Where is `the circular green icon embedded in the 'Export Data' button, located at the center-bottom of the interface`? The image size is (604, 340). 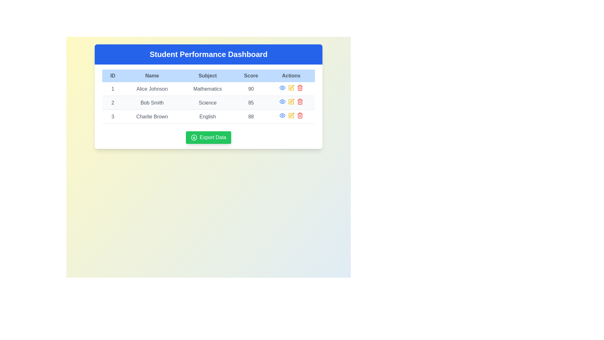
the circular green icon embedded in the 'Export Data' button, located at the center-bottom of the interface is located at coordinates (193, 137).